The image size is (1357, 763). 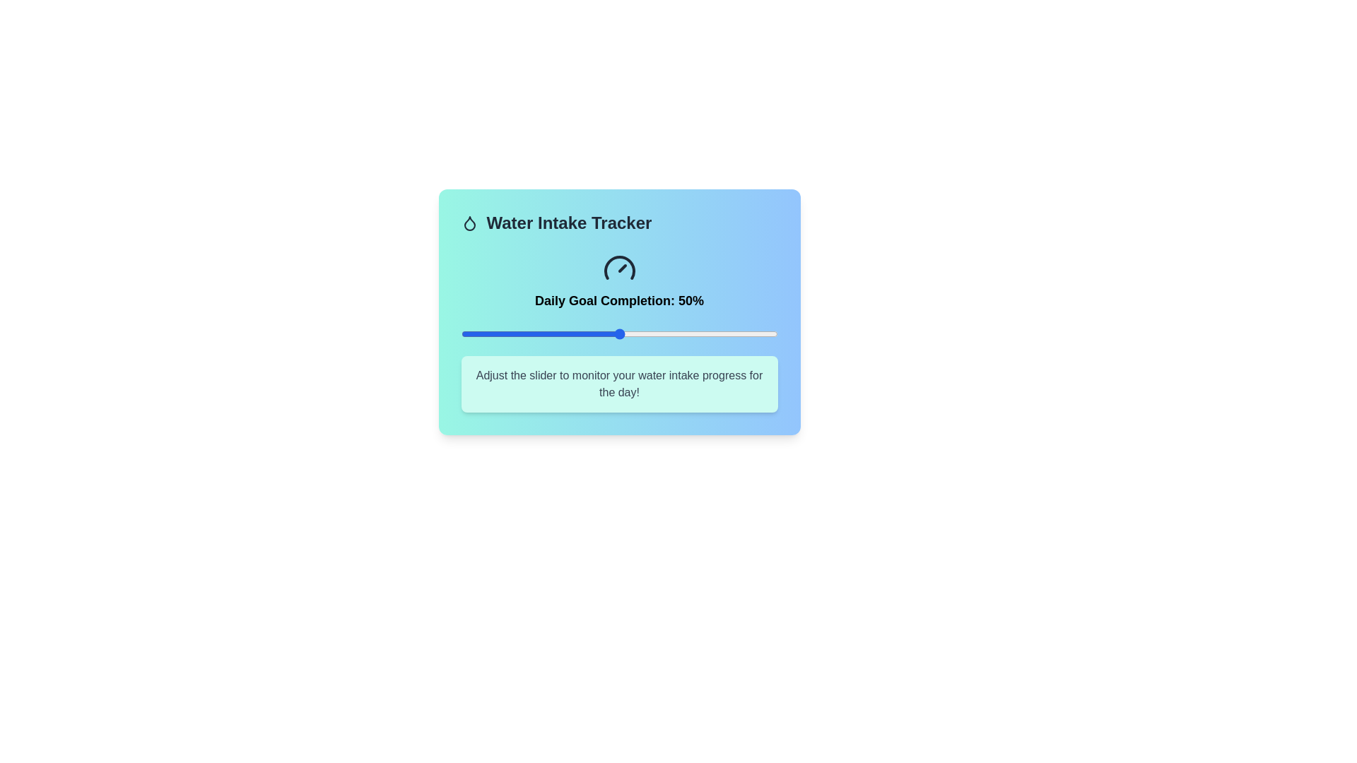 I want to click on the slider to set the goal completion percentage to 5, so click(x=476, y=334).